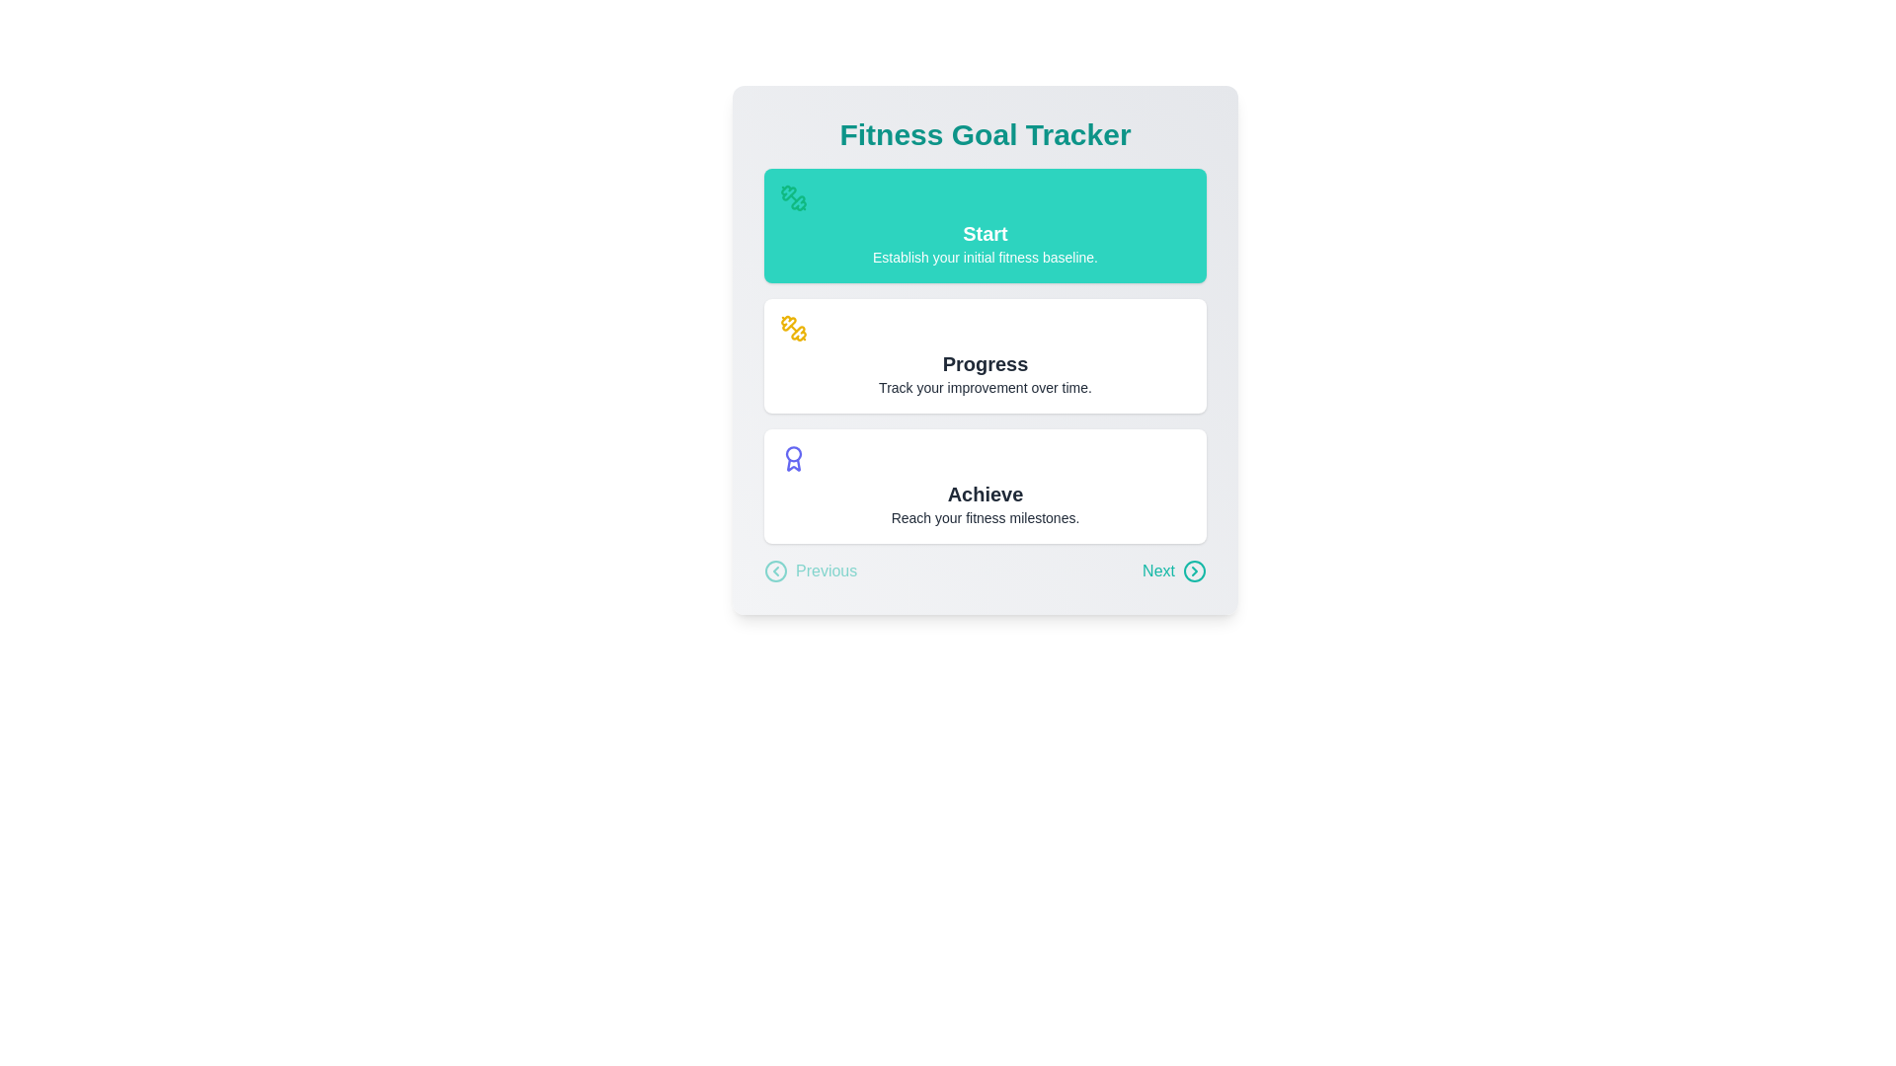  Describe the element at coordinates (827, 571) in the screenshot. I see `the static text label indicating the availability of a previous step in the navigation bar located at the bottom right of a left-pointing chevron icon` at that location.